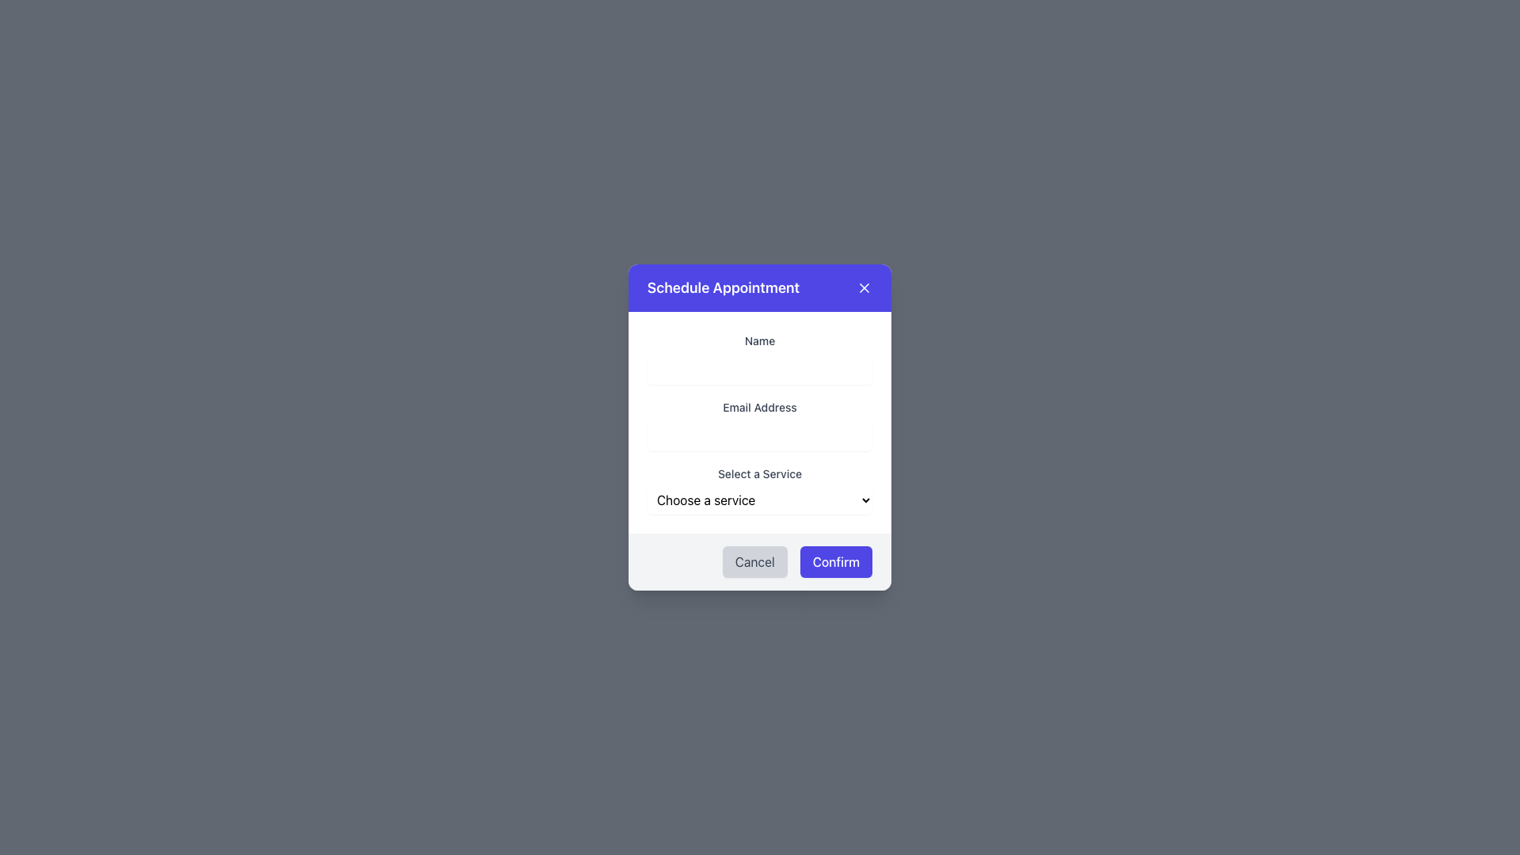  What do you see at coordinates (835, 560) in the screenshot?
I see `the confirm button located at the bottom-right corner of the dialog box to change its background color to dark blue` at bounding box center [835, 560].